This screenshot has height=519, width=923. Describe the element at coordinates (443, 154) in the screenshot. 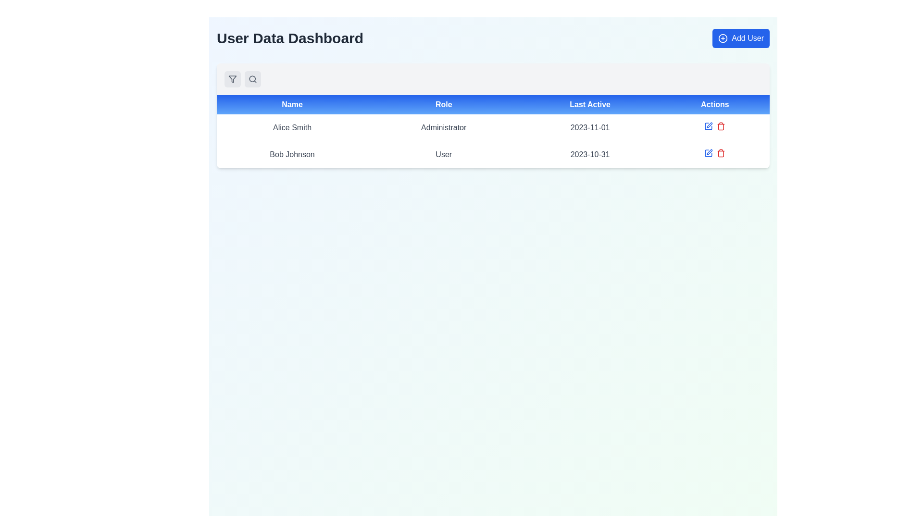

I see `the 'User' text label in the center column of the data table, which categorizes the user role and is positioned between 'Bob Johnson' and '2023-10-31'` at that location.